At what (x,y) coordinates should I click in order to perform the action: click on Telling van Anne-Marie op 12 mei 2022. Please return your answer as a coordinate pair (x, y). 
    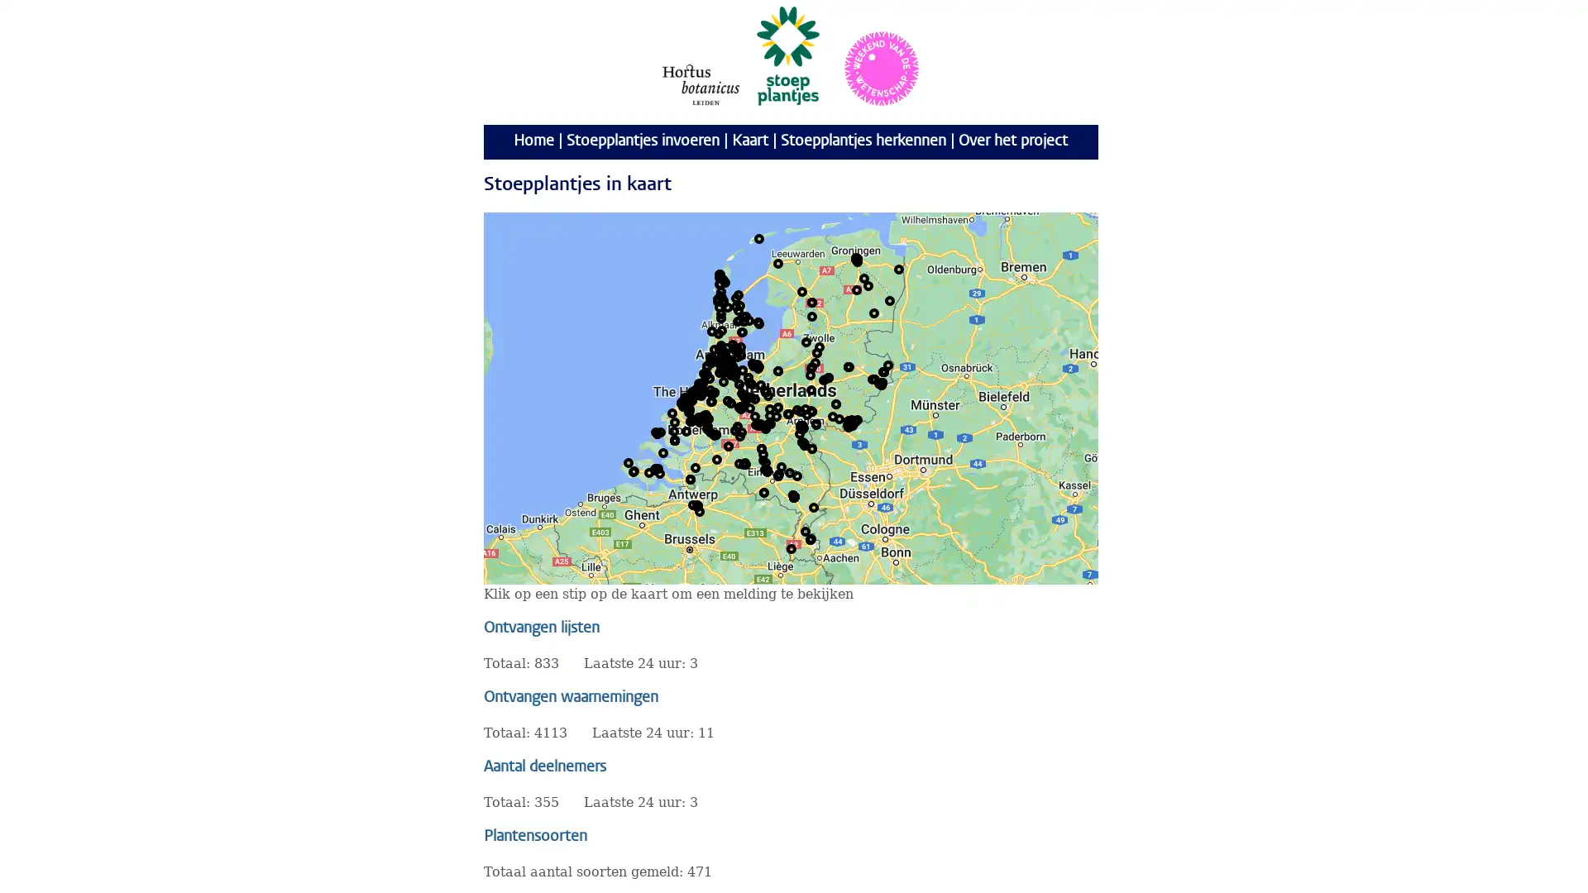
    Looking at the image, I should click on (744, 462).